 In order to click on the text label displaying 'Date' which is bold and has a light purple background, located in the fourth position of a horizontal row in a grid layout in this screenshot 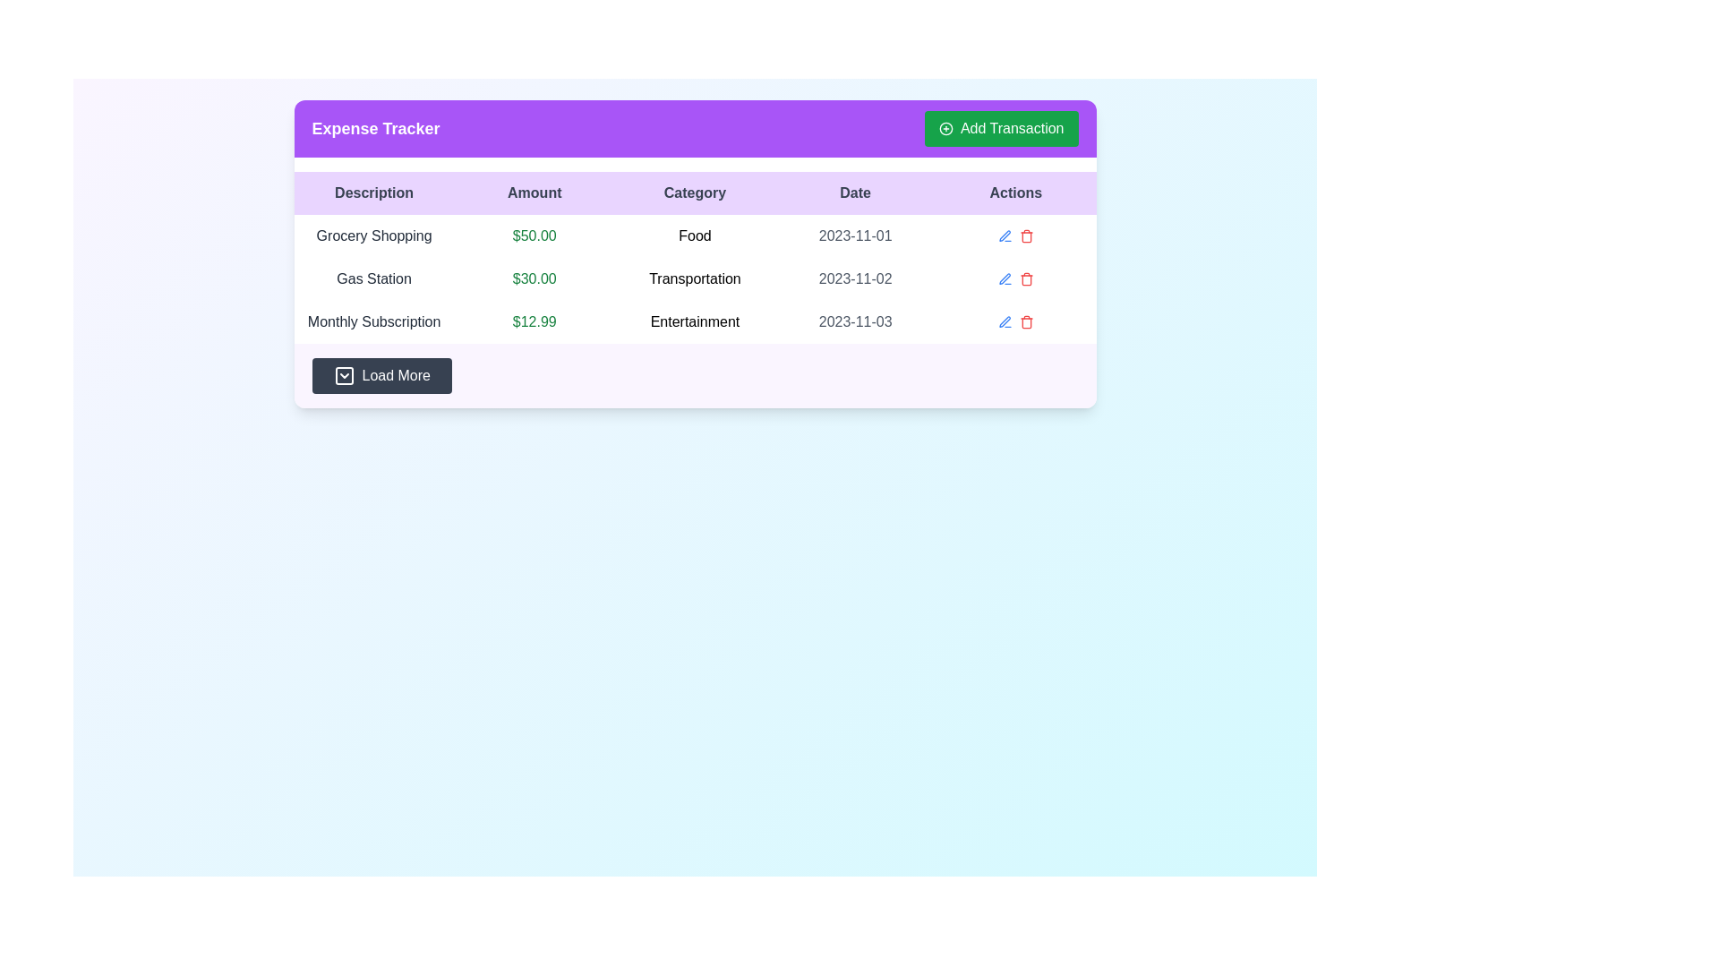, I will do `click(854, 193)`.